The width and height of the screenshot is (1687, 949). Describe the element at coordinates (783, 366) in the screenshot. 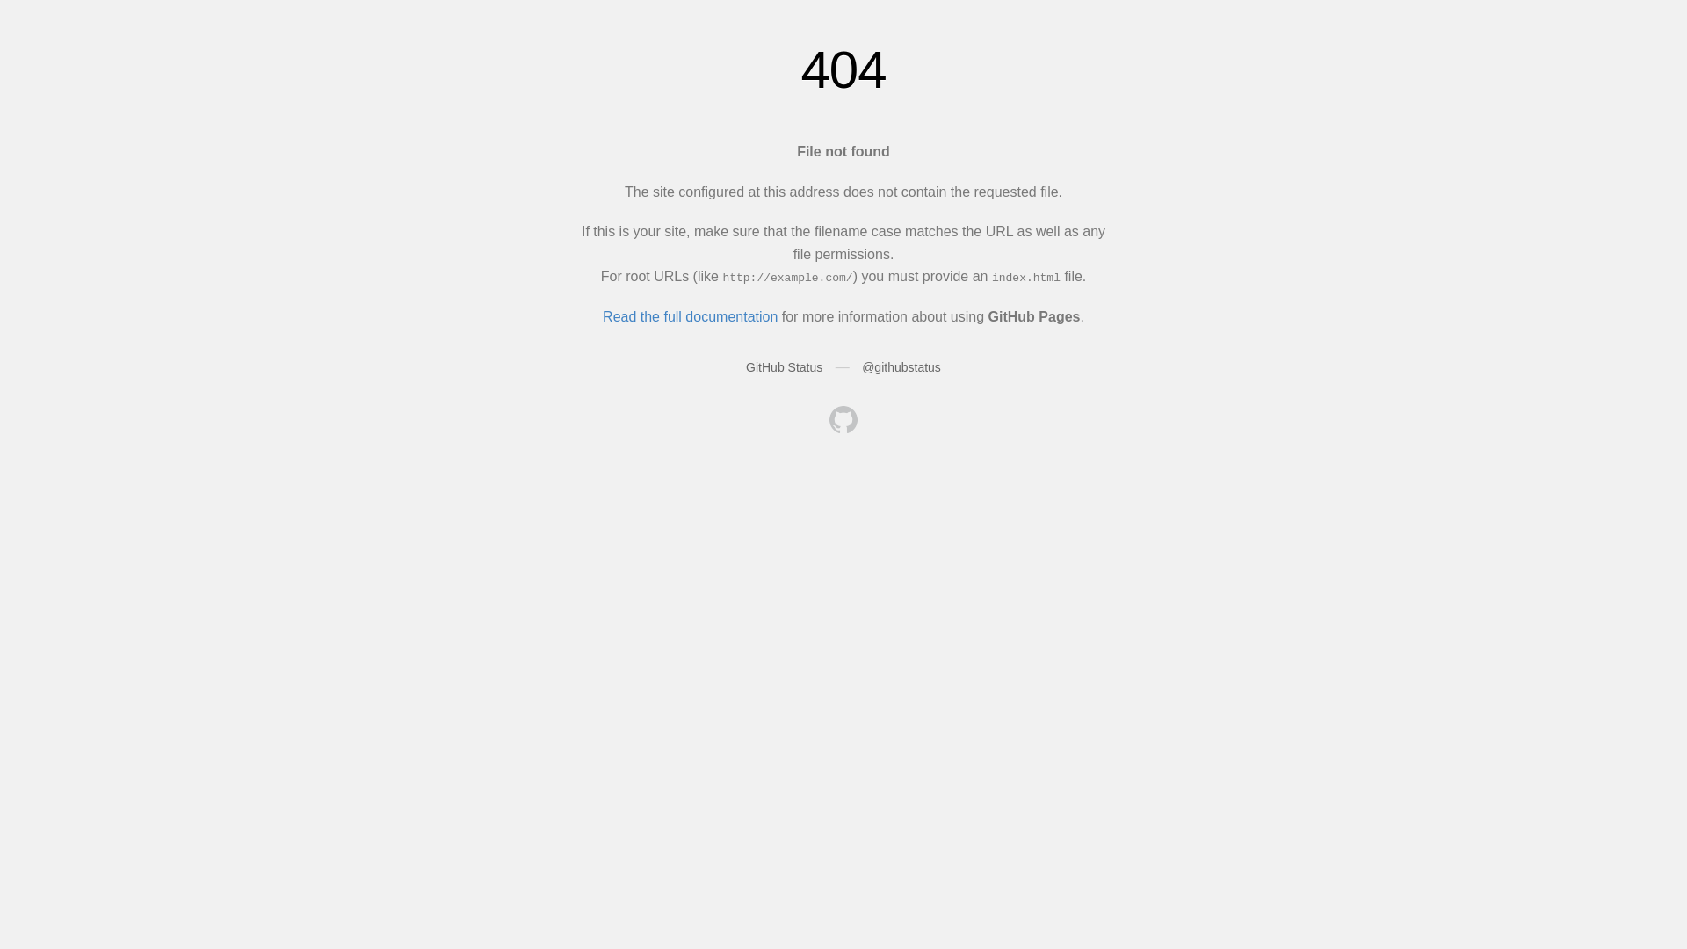

I see `'GitHub Status'` at that location.